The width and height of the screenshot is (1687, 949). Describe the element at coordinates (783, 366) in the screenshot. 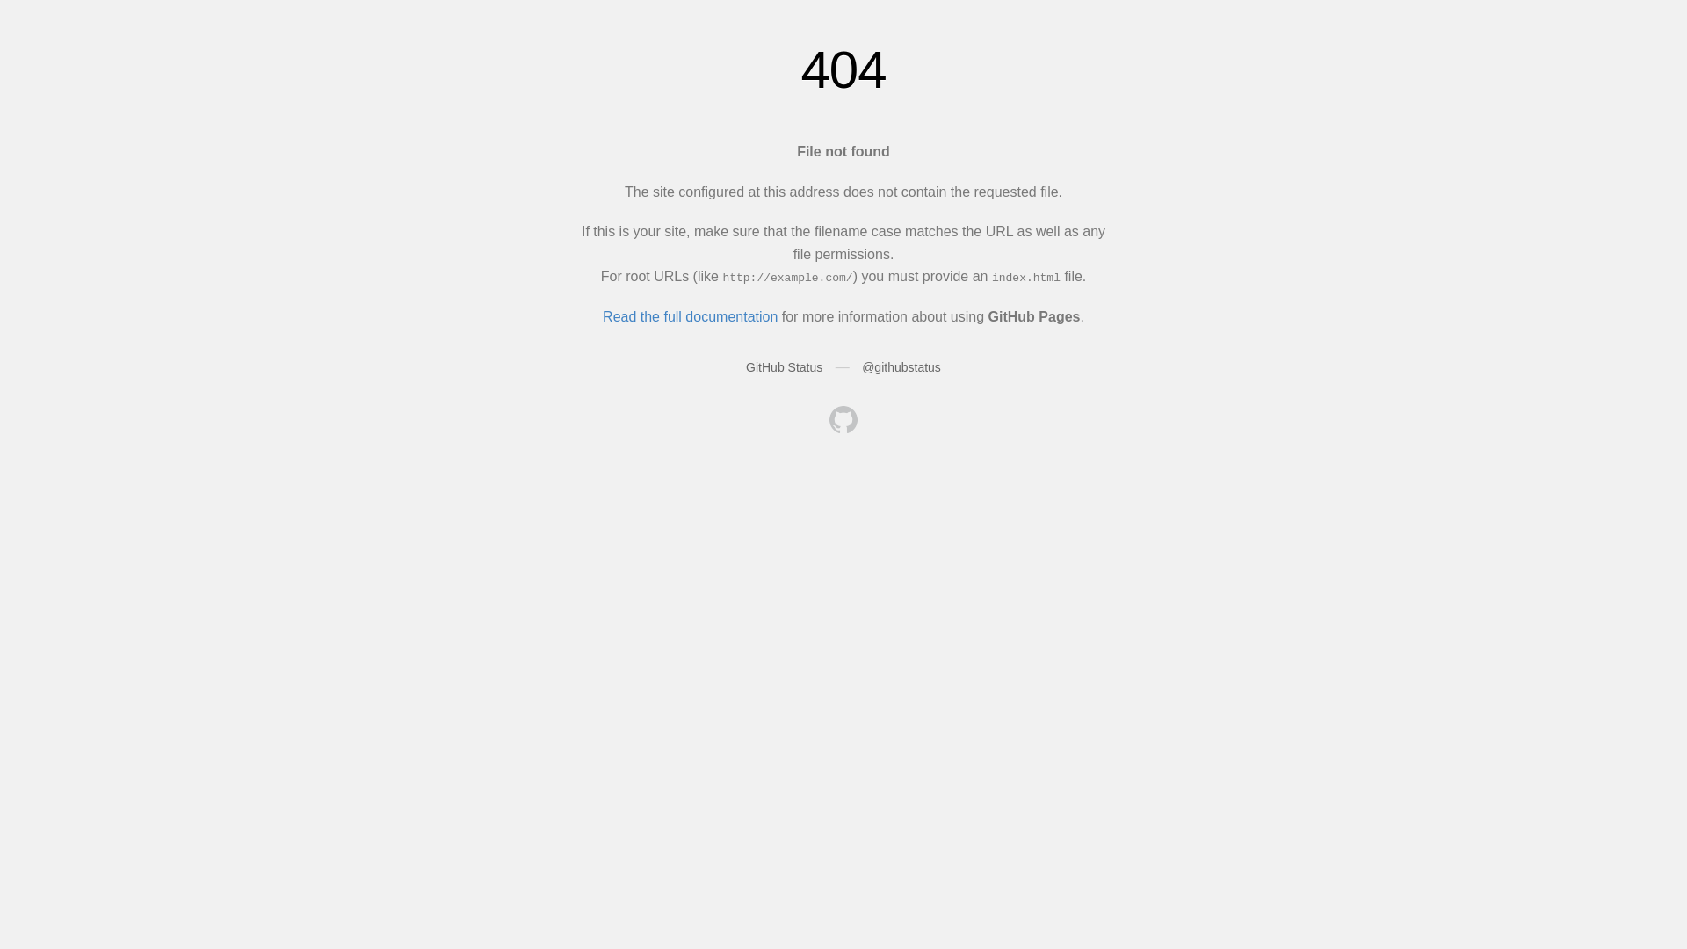

I see `'GitHub Status'` at that location.